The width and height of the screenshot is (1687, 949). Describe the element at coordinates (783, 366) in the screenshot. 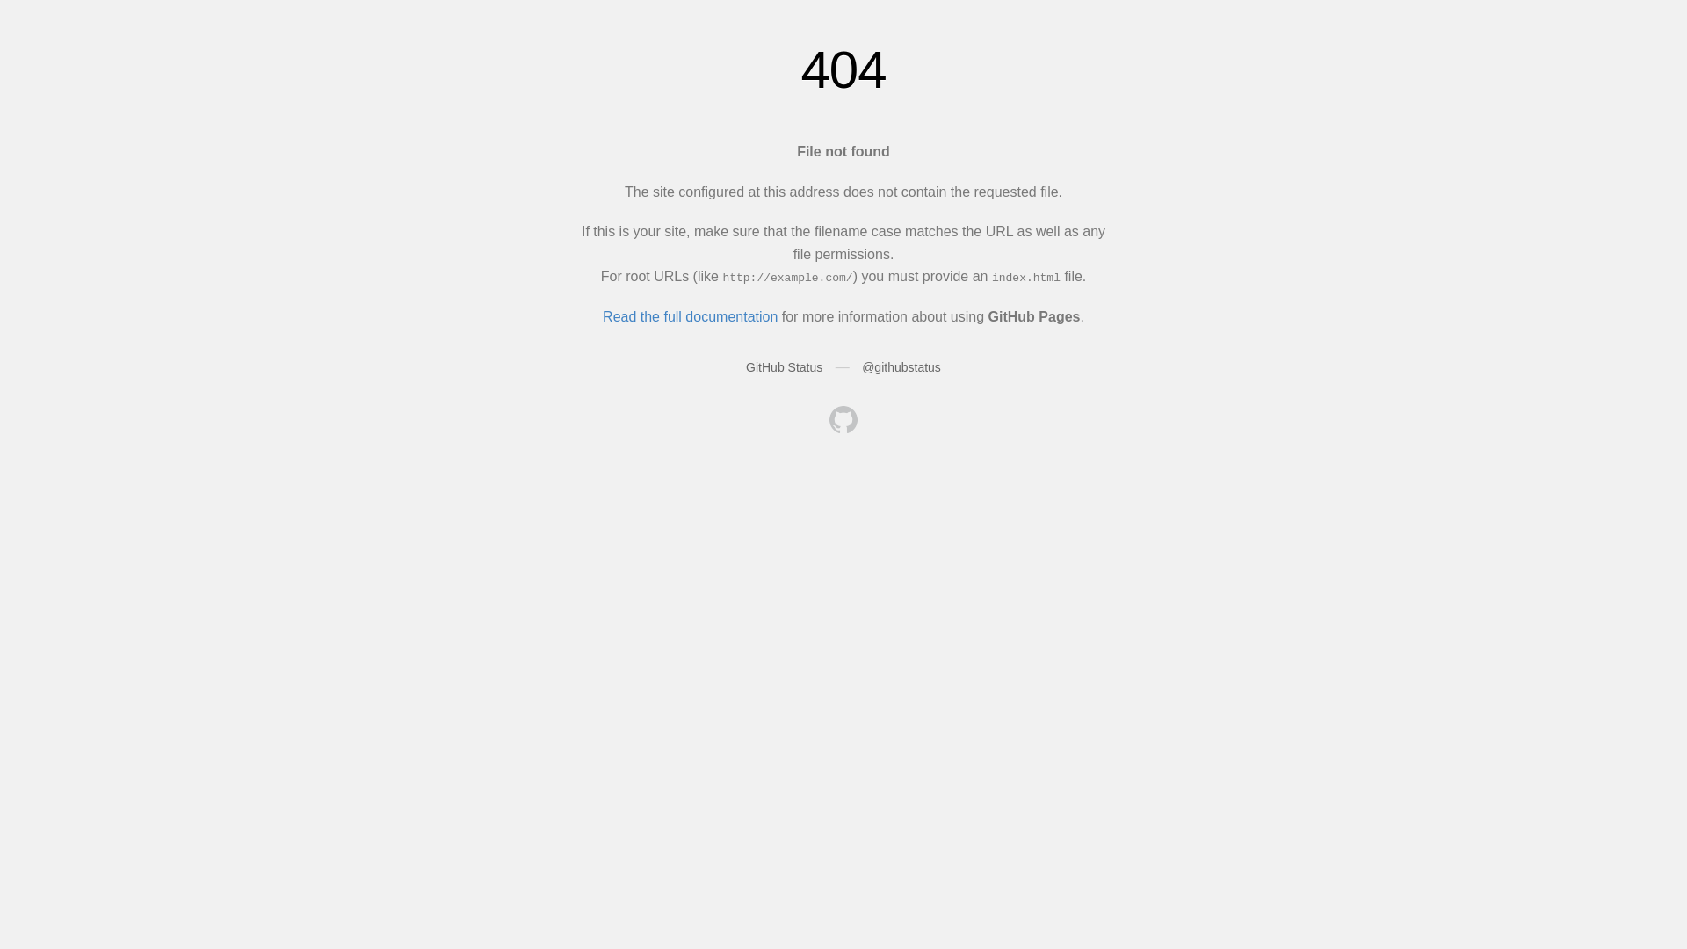

I see `'GitHub Status'` at that location.